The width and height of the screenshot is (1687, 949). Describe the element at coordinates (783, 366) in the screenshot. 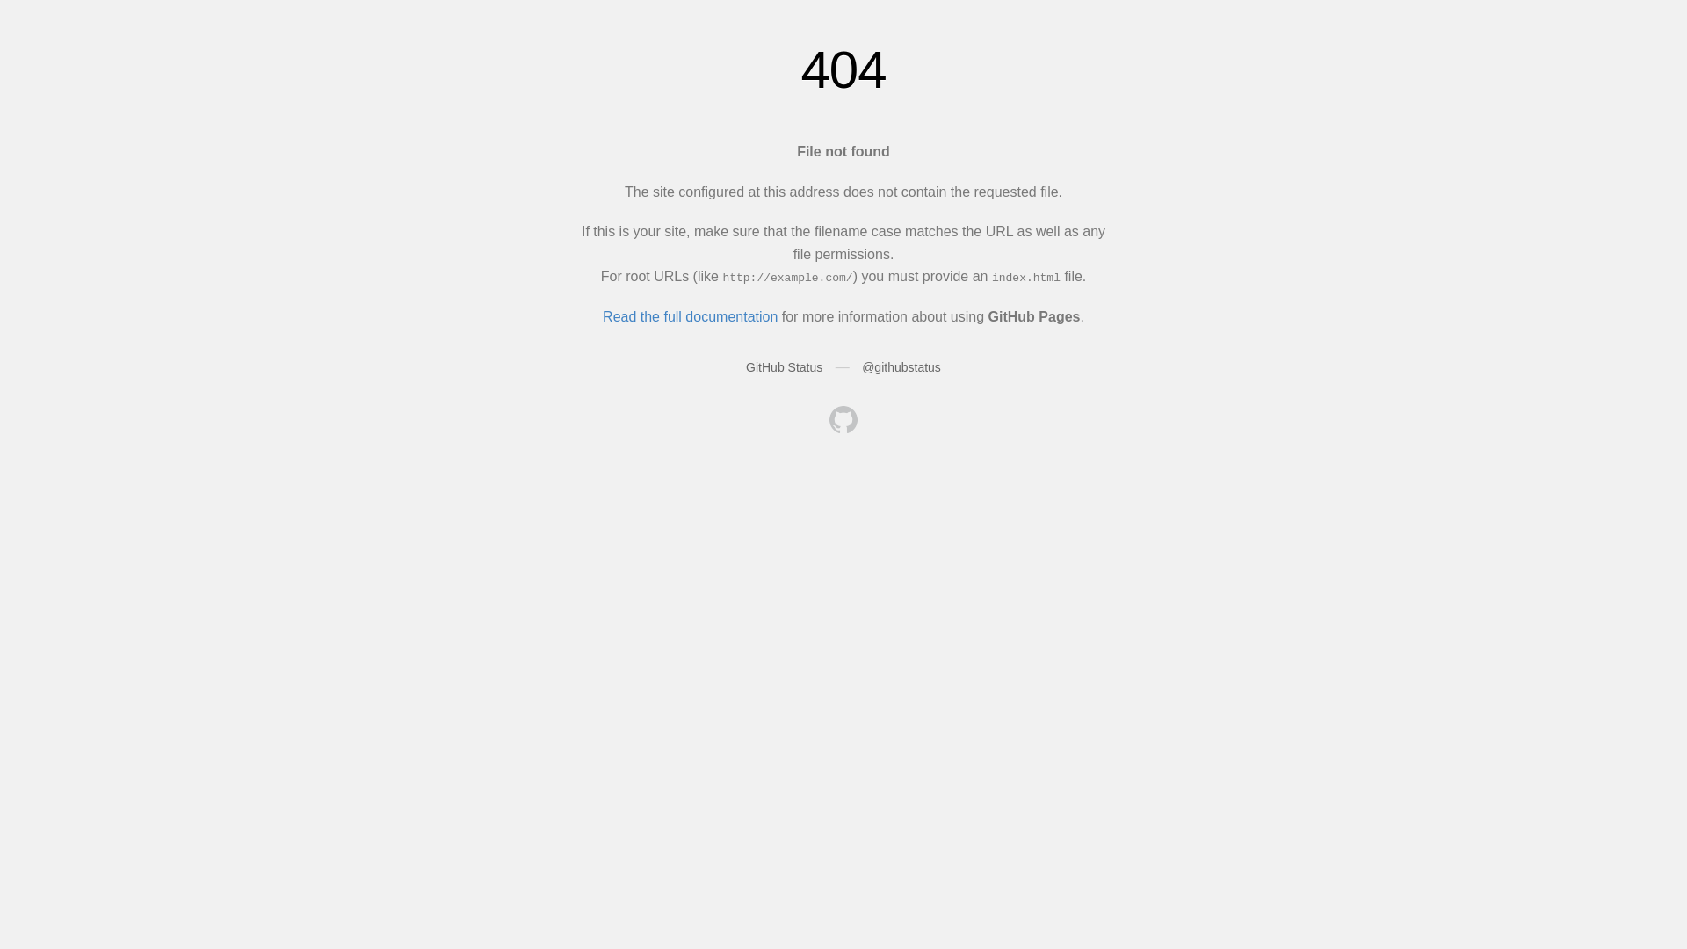

I see `'GitHub Status'` at that location.